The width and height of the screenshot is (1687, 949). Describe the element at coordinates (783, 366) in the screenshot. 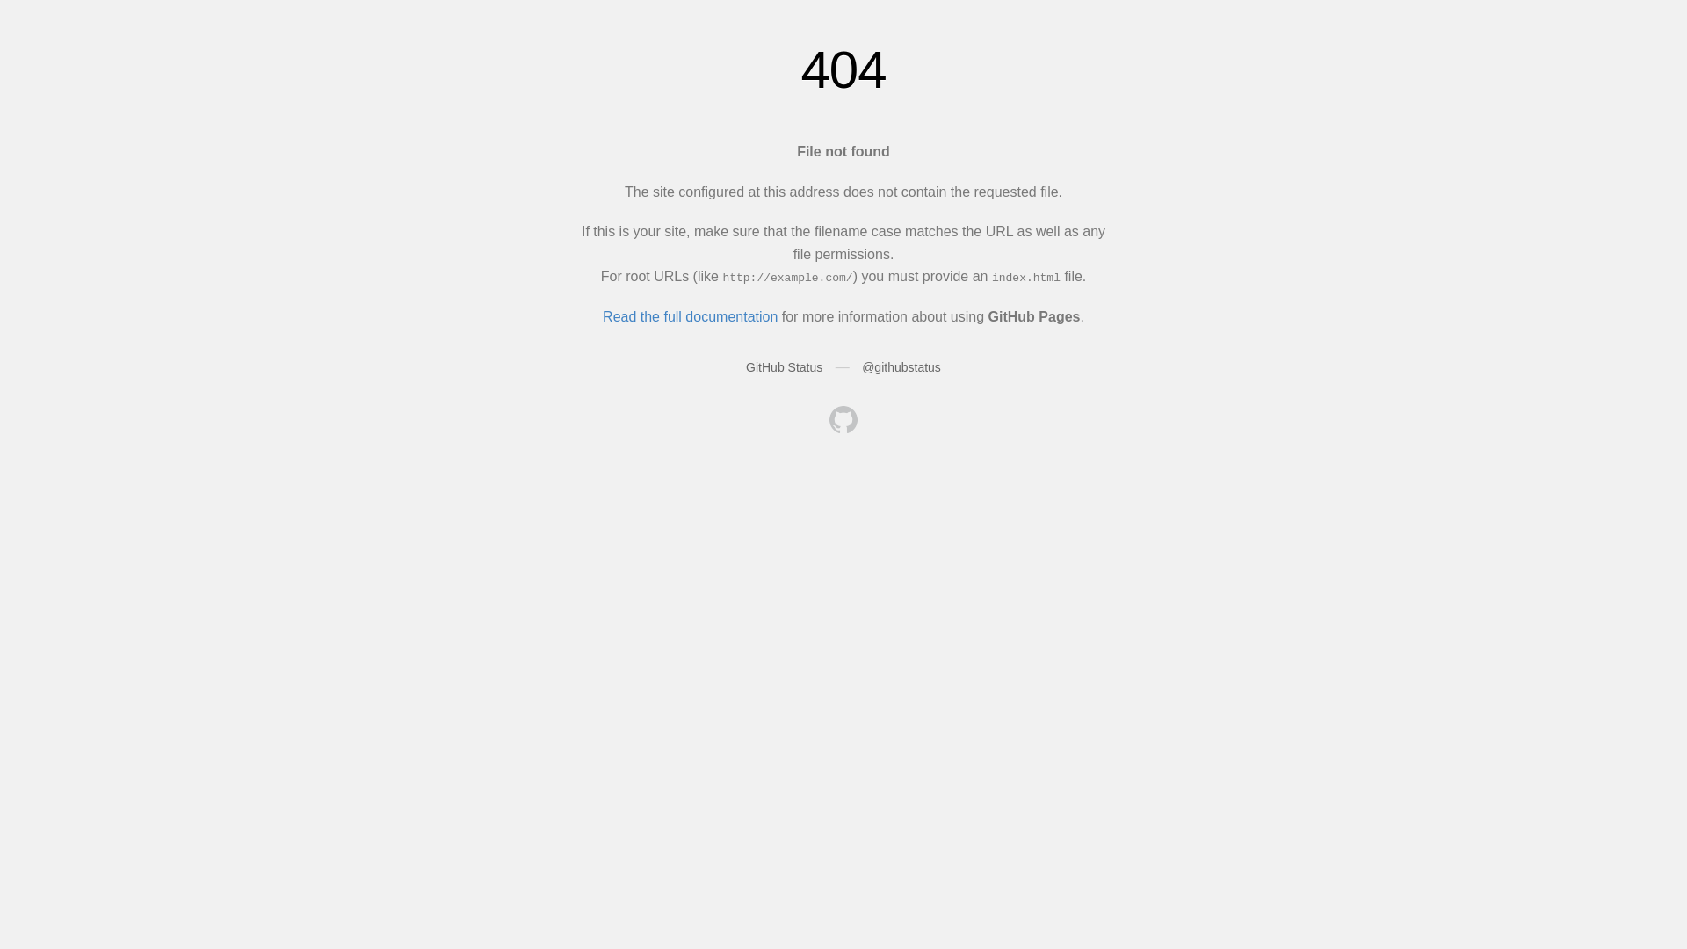

I see `'GitHub Status'` at that location.